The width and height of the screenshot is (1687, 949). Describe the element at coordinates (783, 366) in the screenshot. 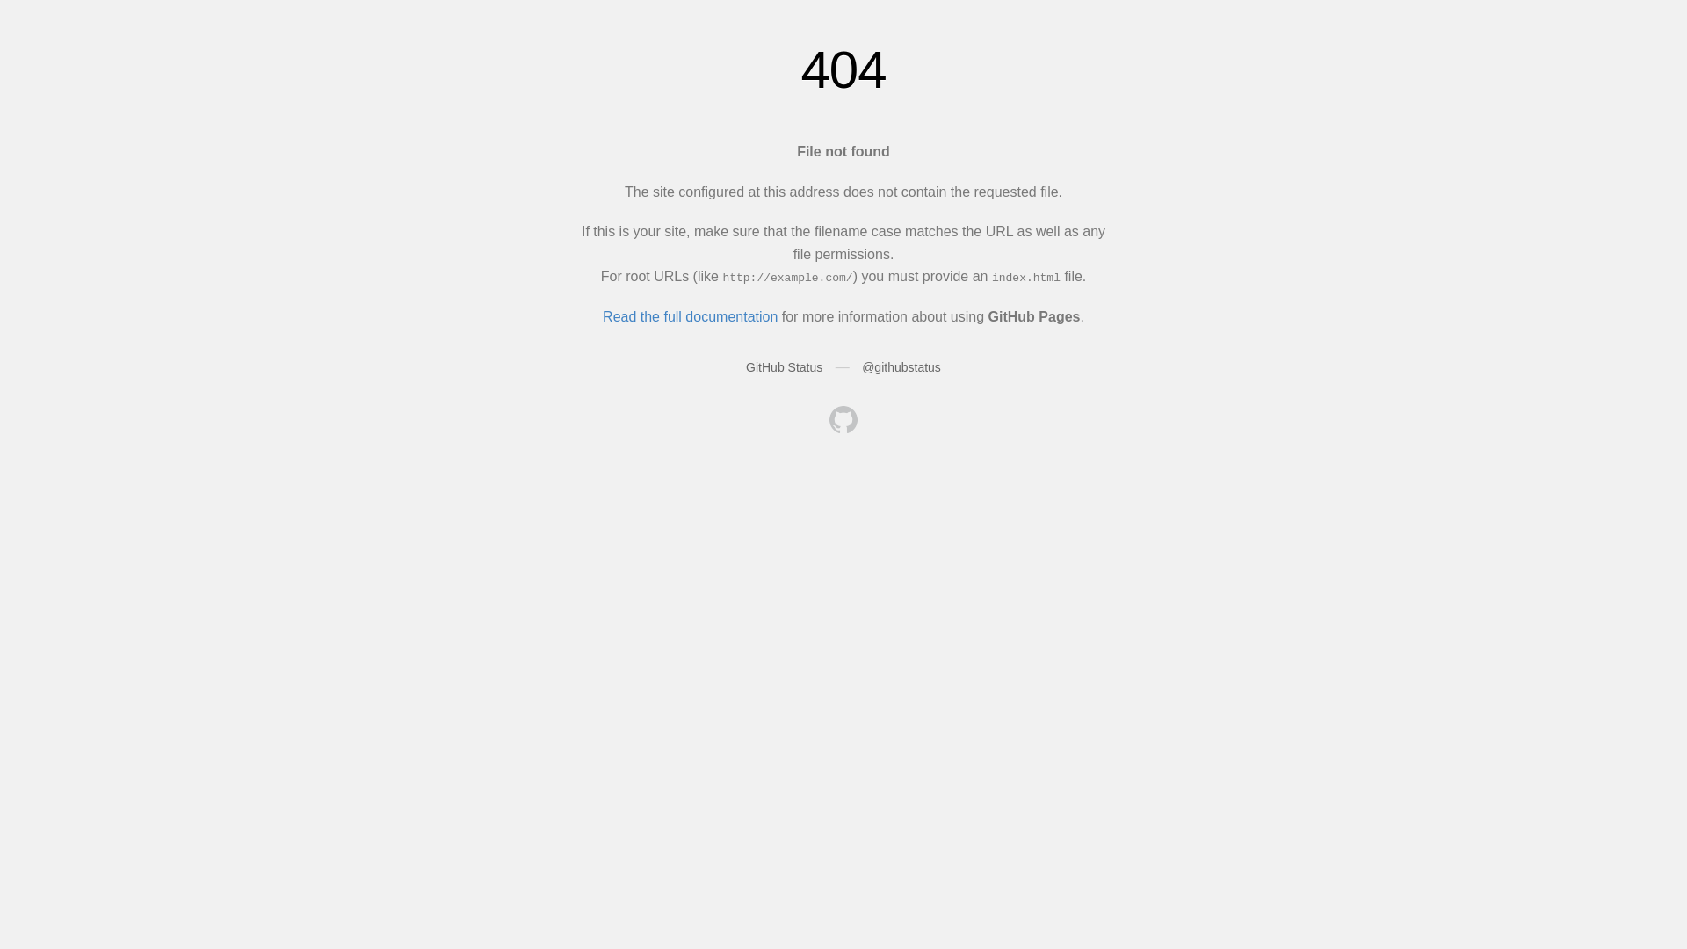

I see `'GitHub Status'` at that location.